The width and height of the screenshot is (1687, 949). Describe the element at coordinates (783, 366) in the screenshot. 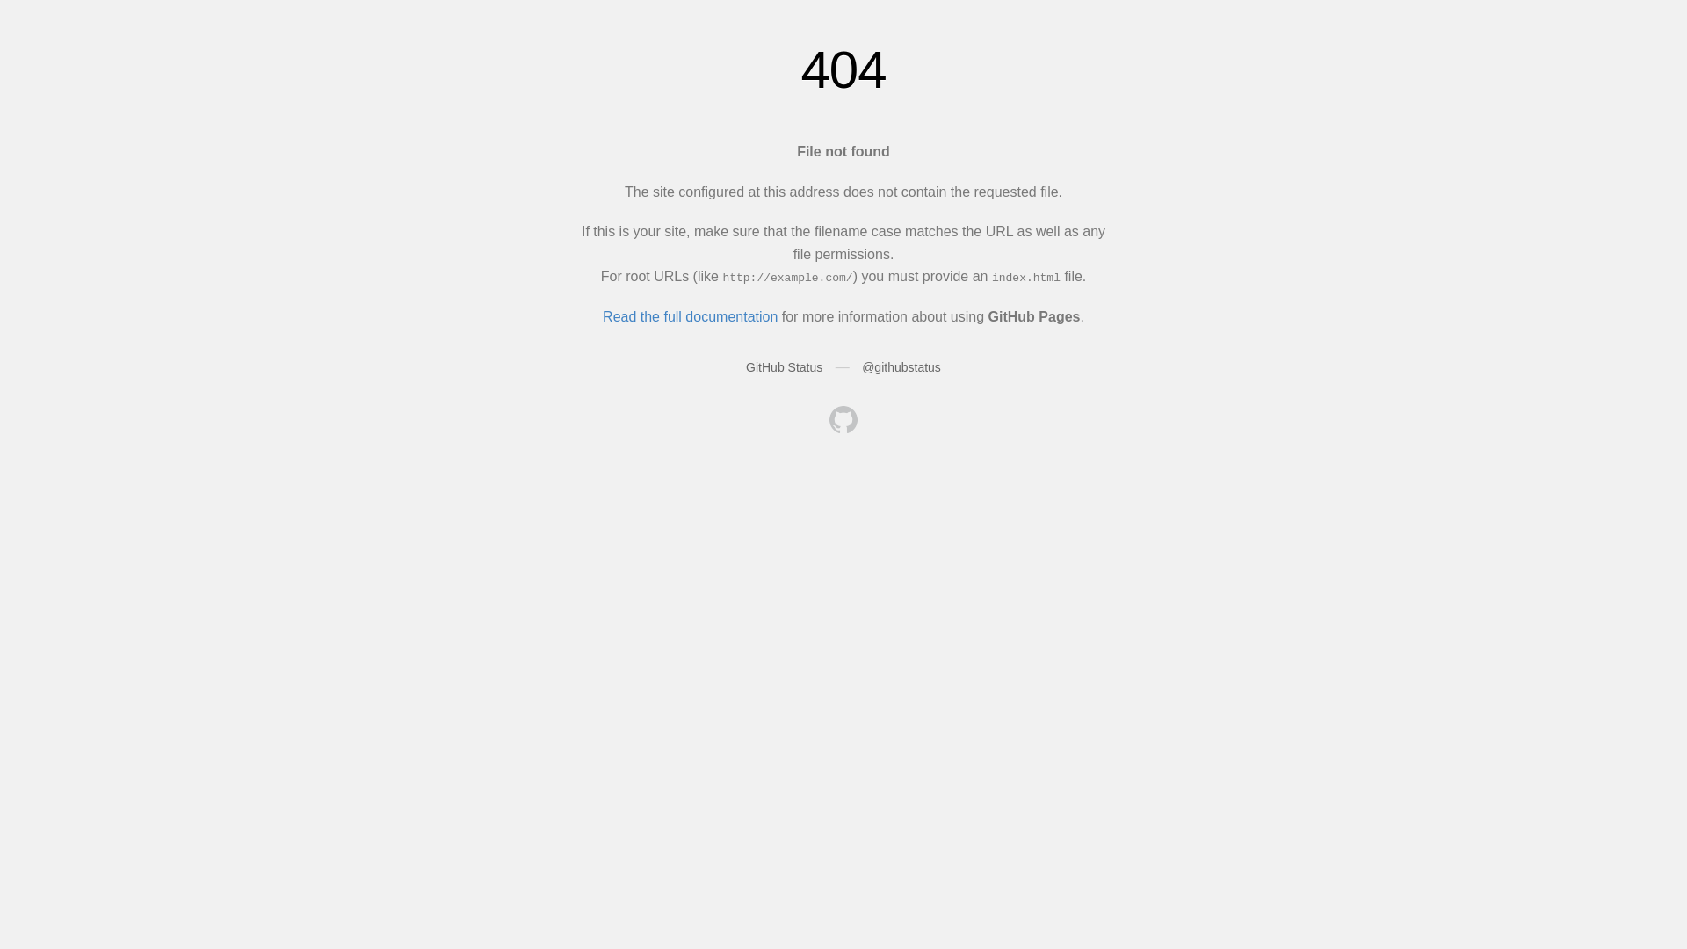

I see `'GitHub Status'` at that location.